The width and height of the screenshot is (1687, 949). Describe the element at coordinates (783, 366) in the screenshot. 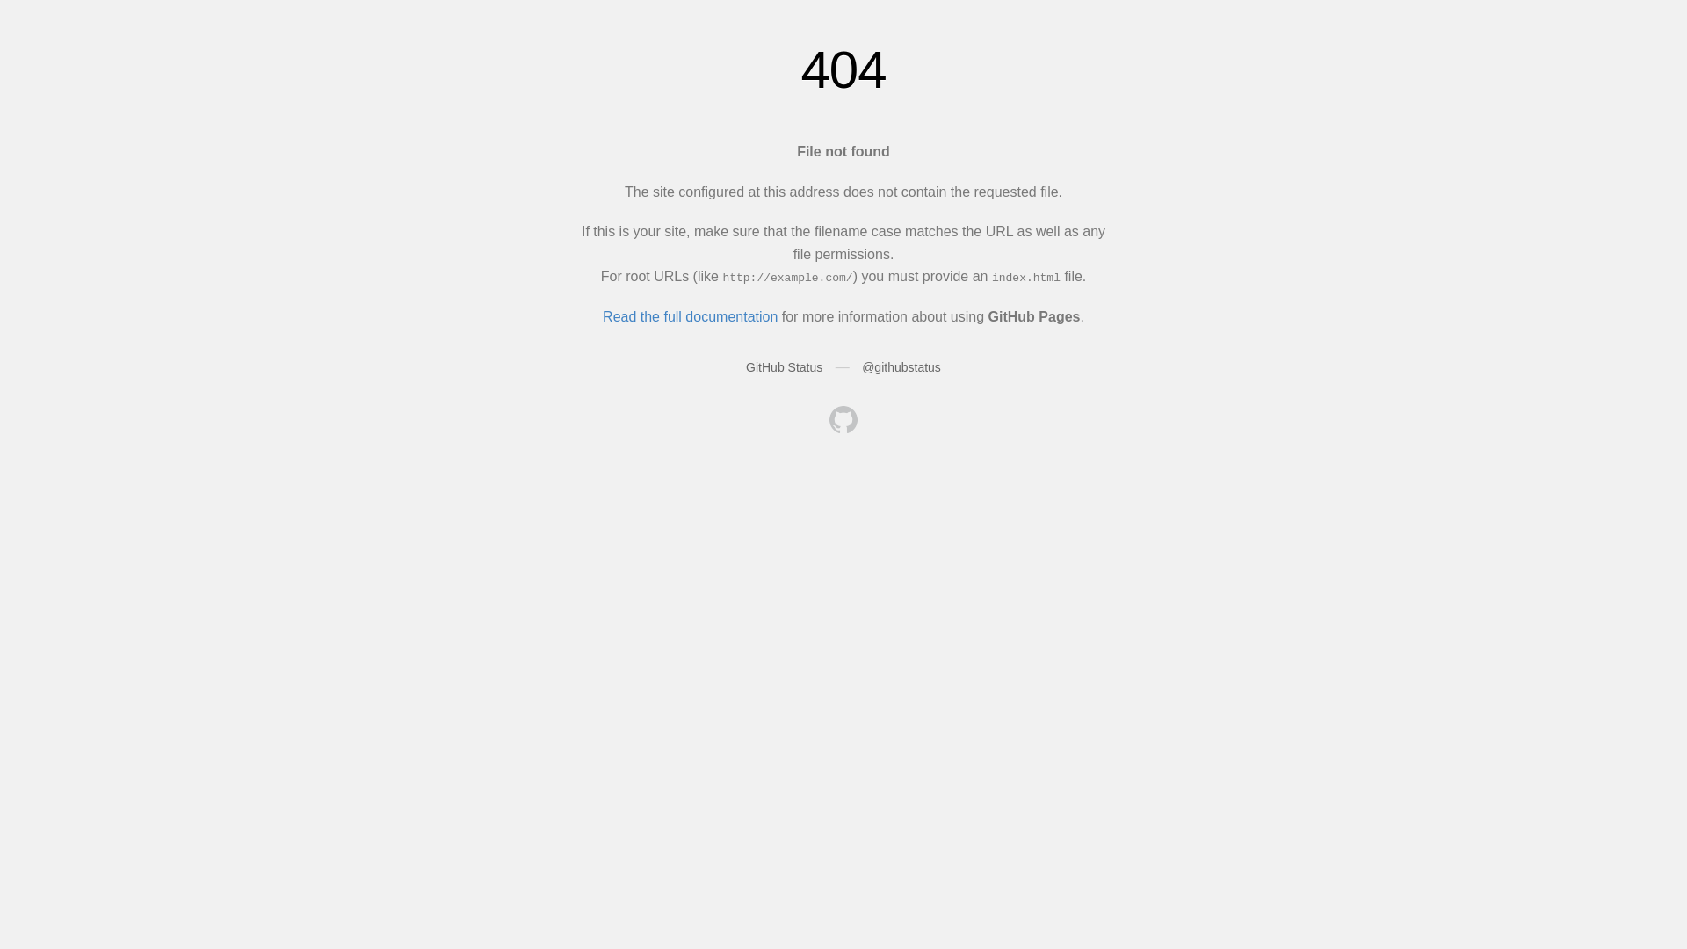

I see `'GitHub Status'` at that location.